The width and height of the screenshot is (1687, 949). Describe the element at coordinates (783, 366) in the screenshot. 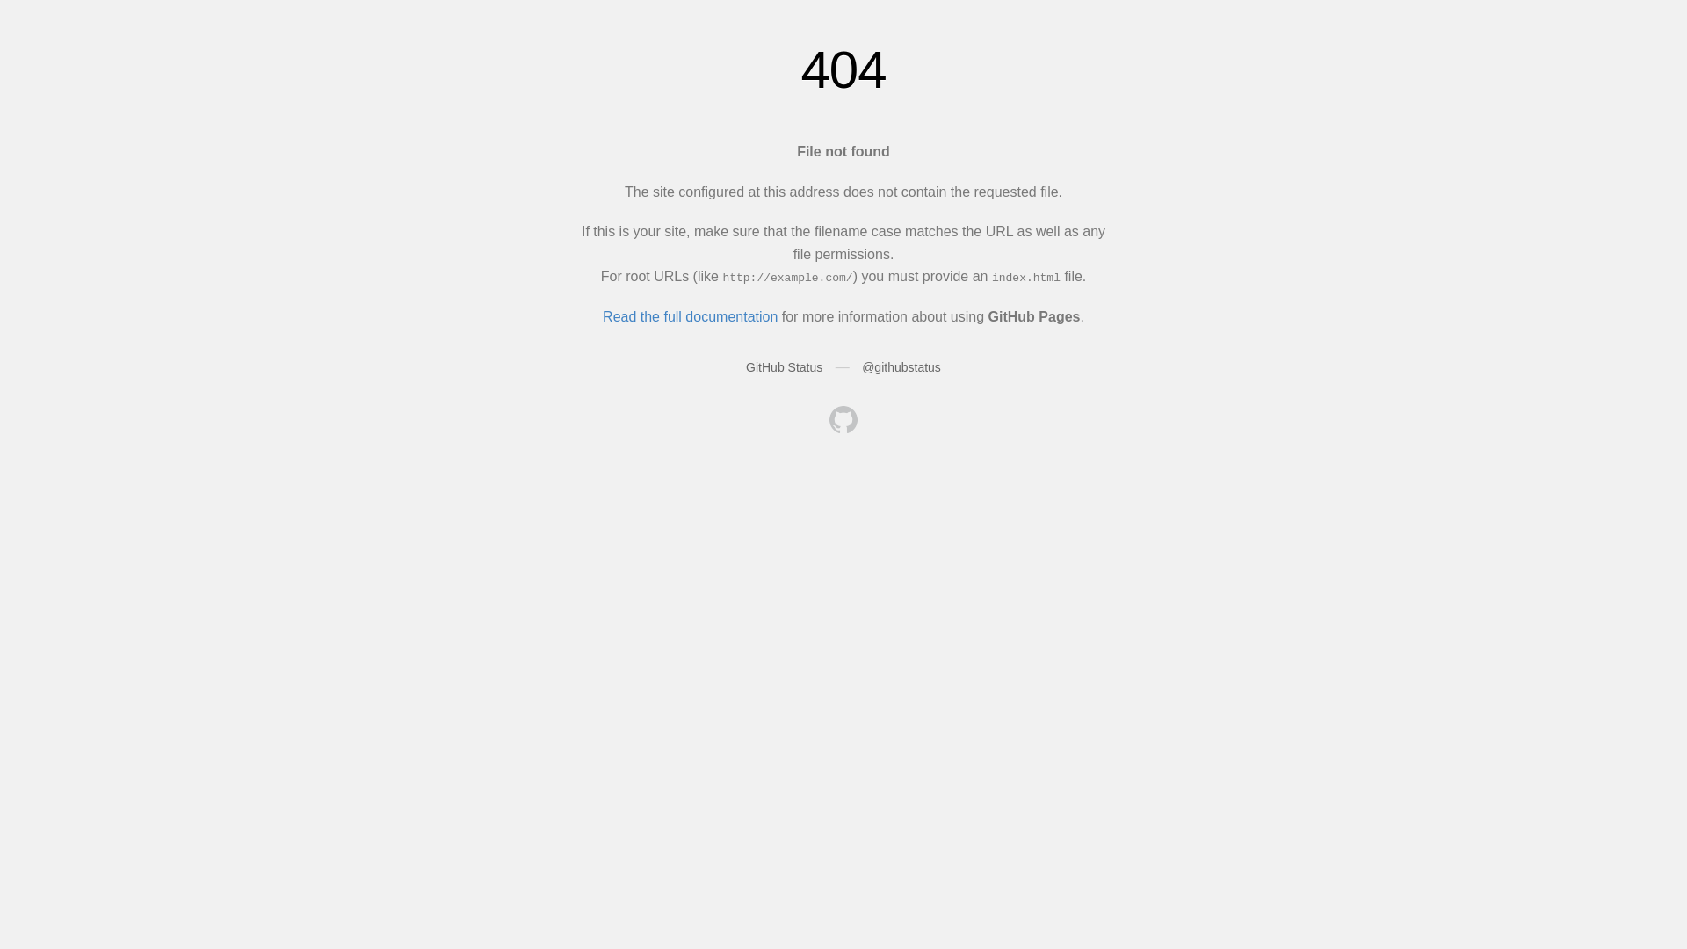

I see `'GitHub Status'` at that location.